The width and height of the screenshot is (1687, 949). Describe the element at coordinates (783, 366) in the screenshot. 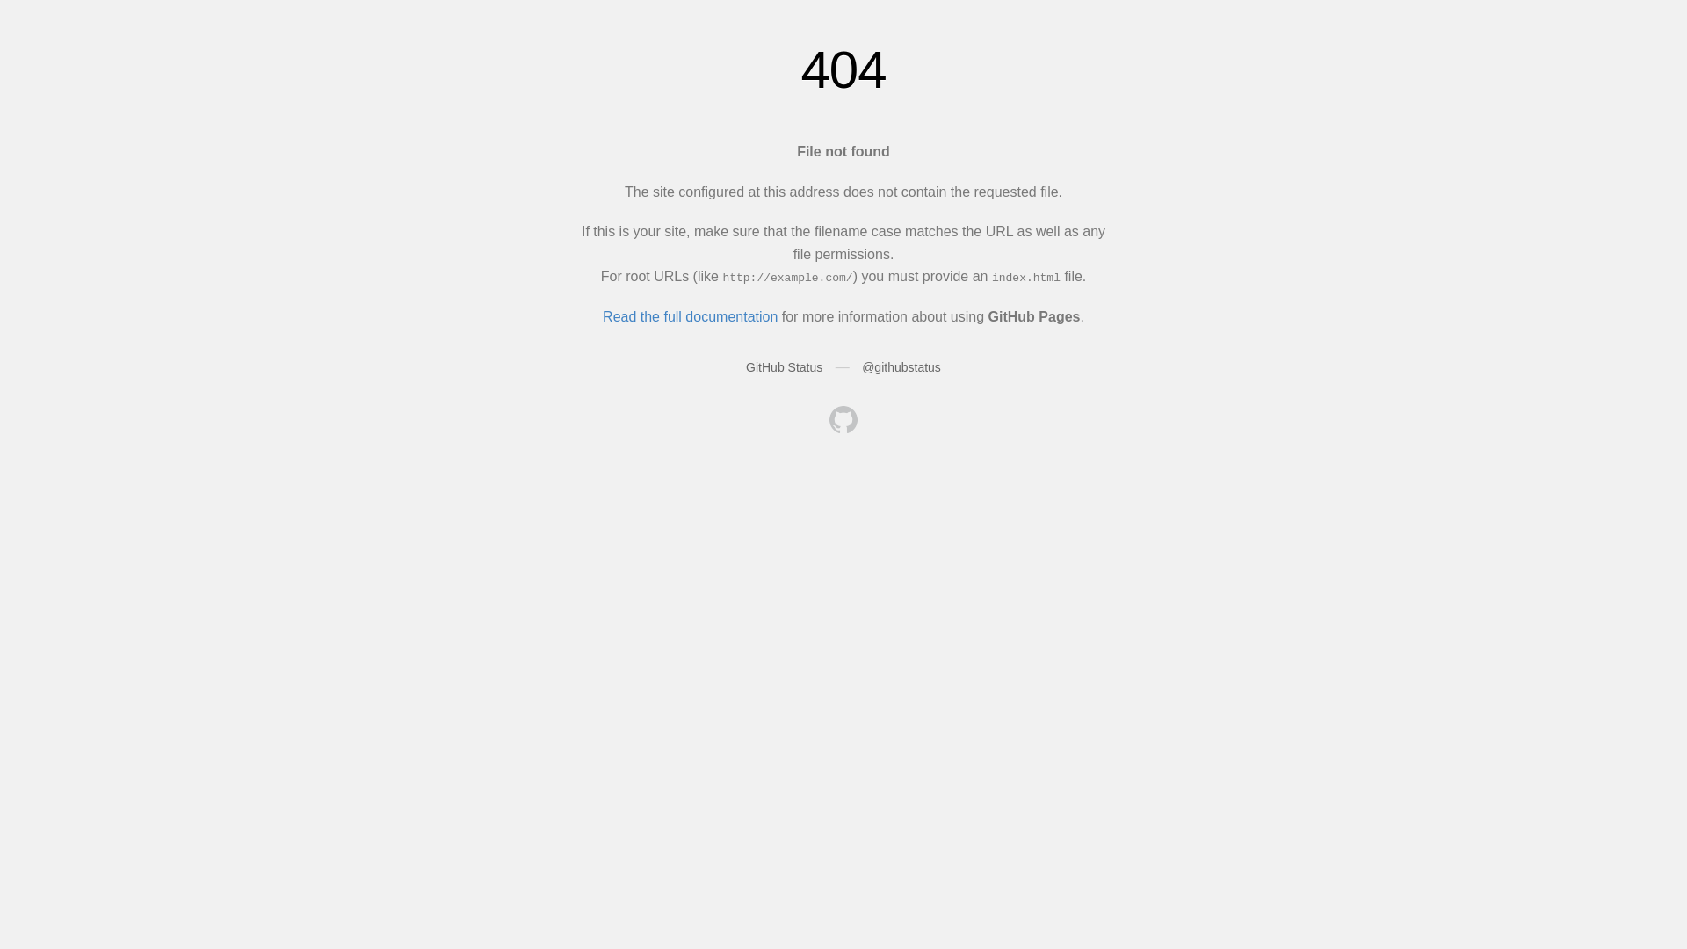

I see `'GitHub Status'` at that location.